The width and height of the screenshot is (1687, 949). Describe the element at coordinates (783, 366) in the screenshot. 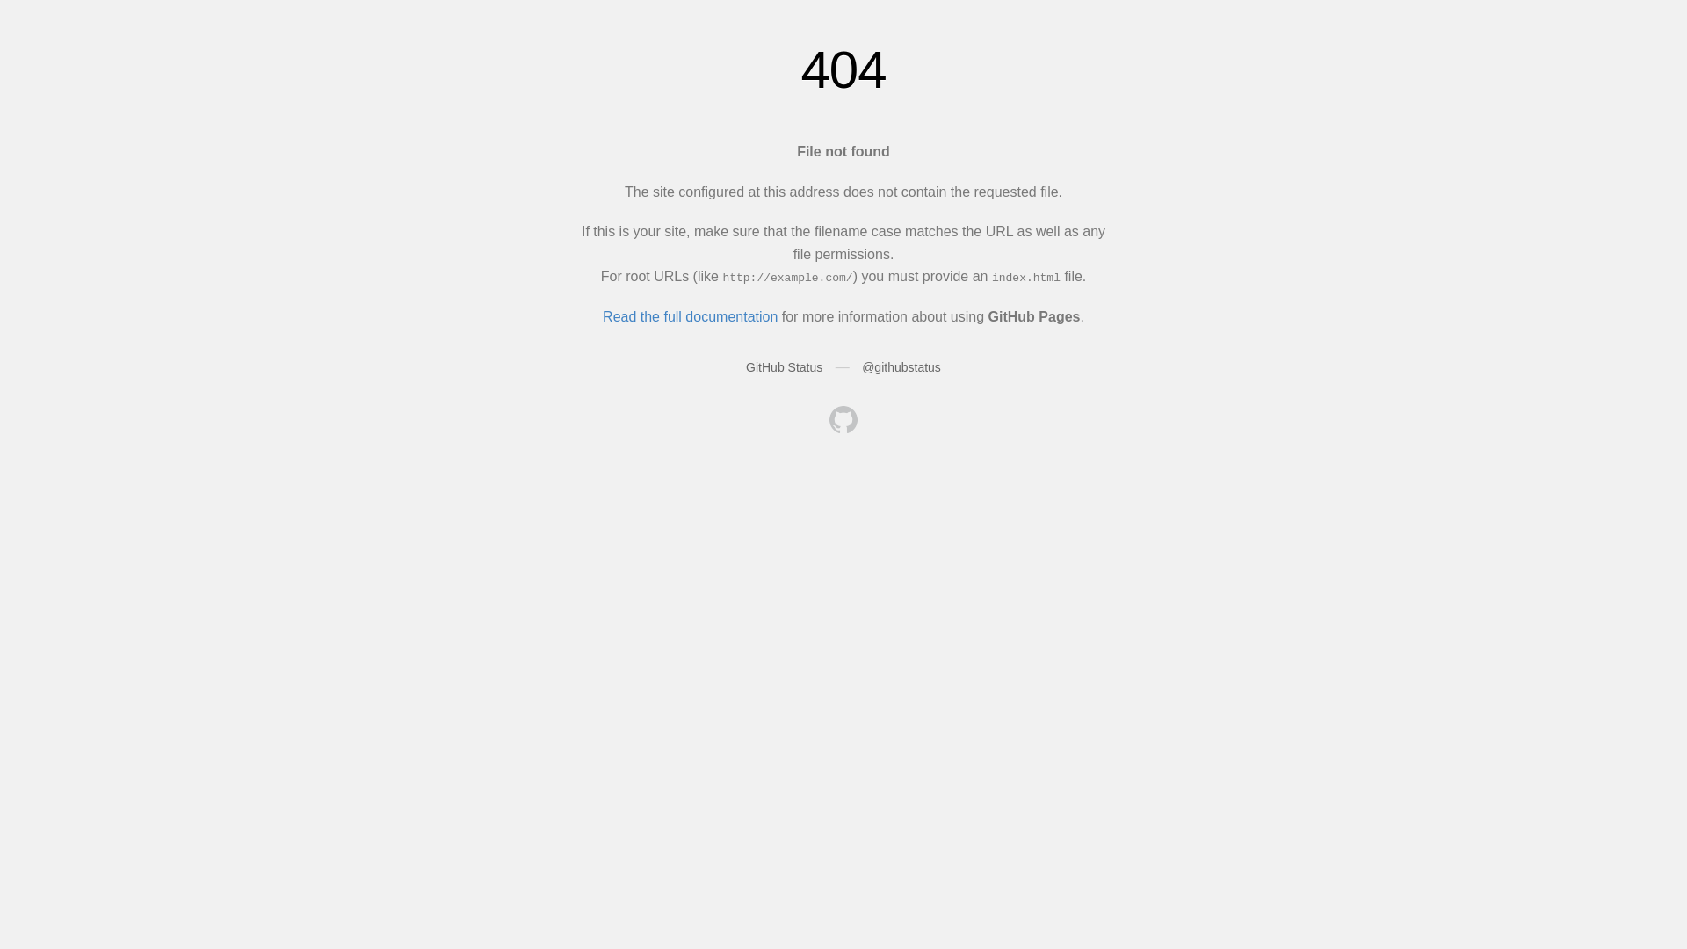

I see `'GitHub Status'` at that location.